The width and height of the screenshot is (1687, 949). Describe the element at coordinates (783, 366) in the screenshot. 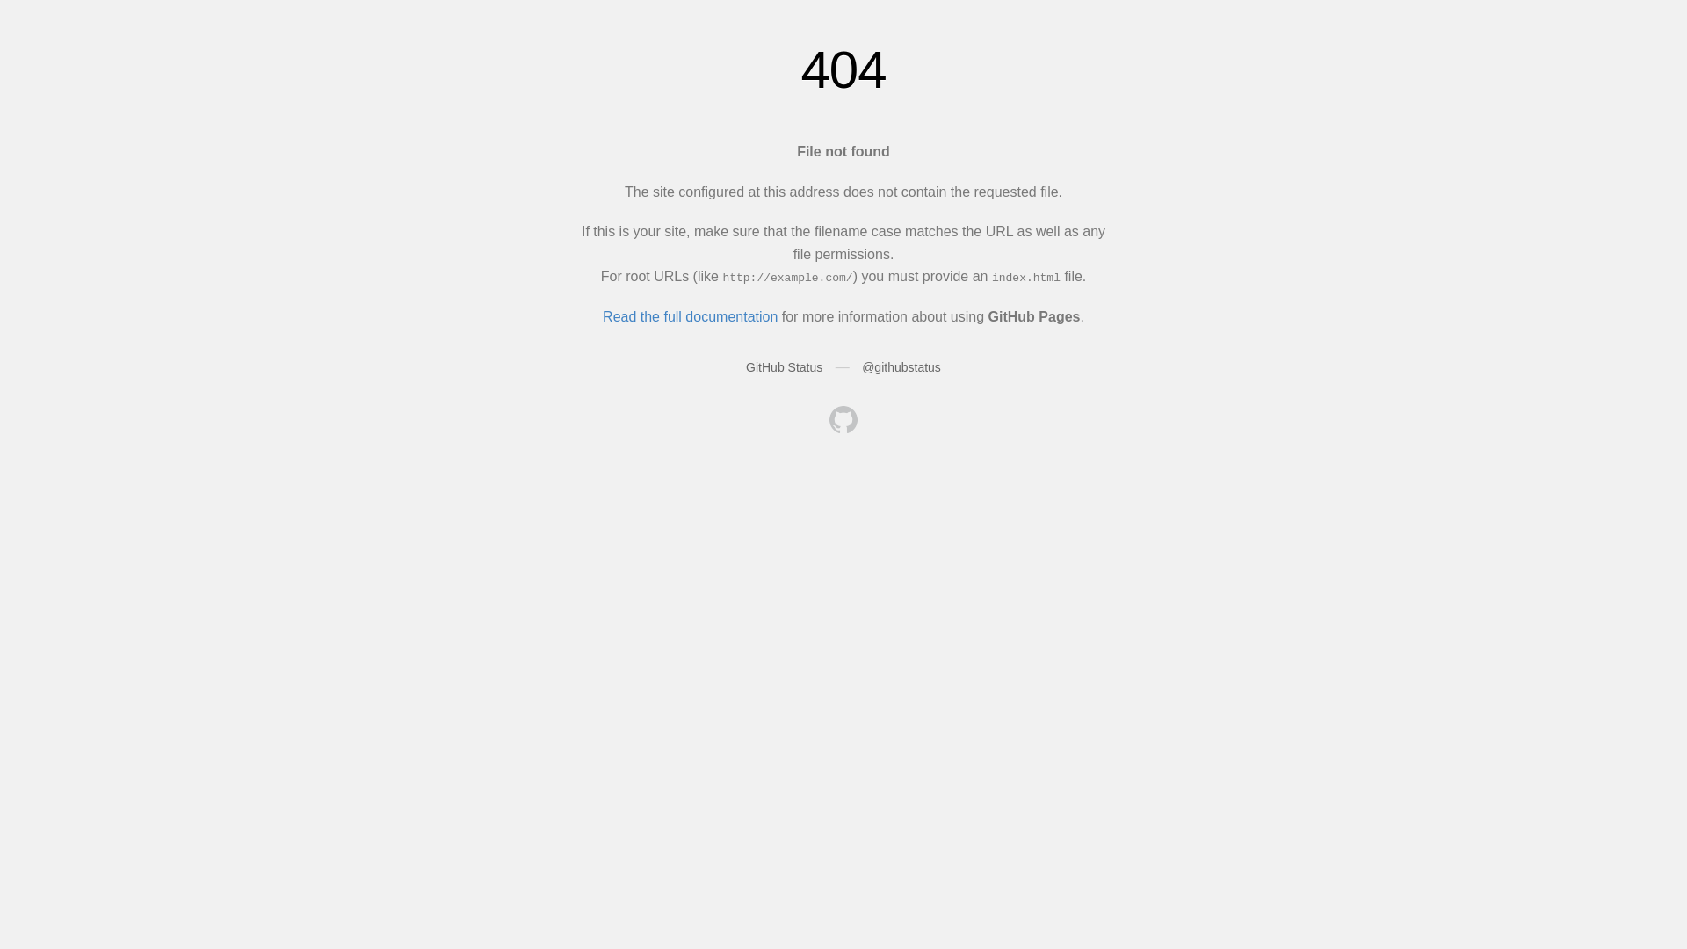

I see `'GitHub Status'` at that location.